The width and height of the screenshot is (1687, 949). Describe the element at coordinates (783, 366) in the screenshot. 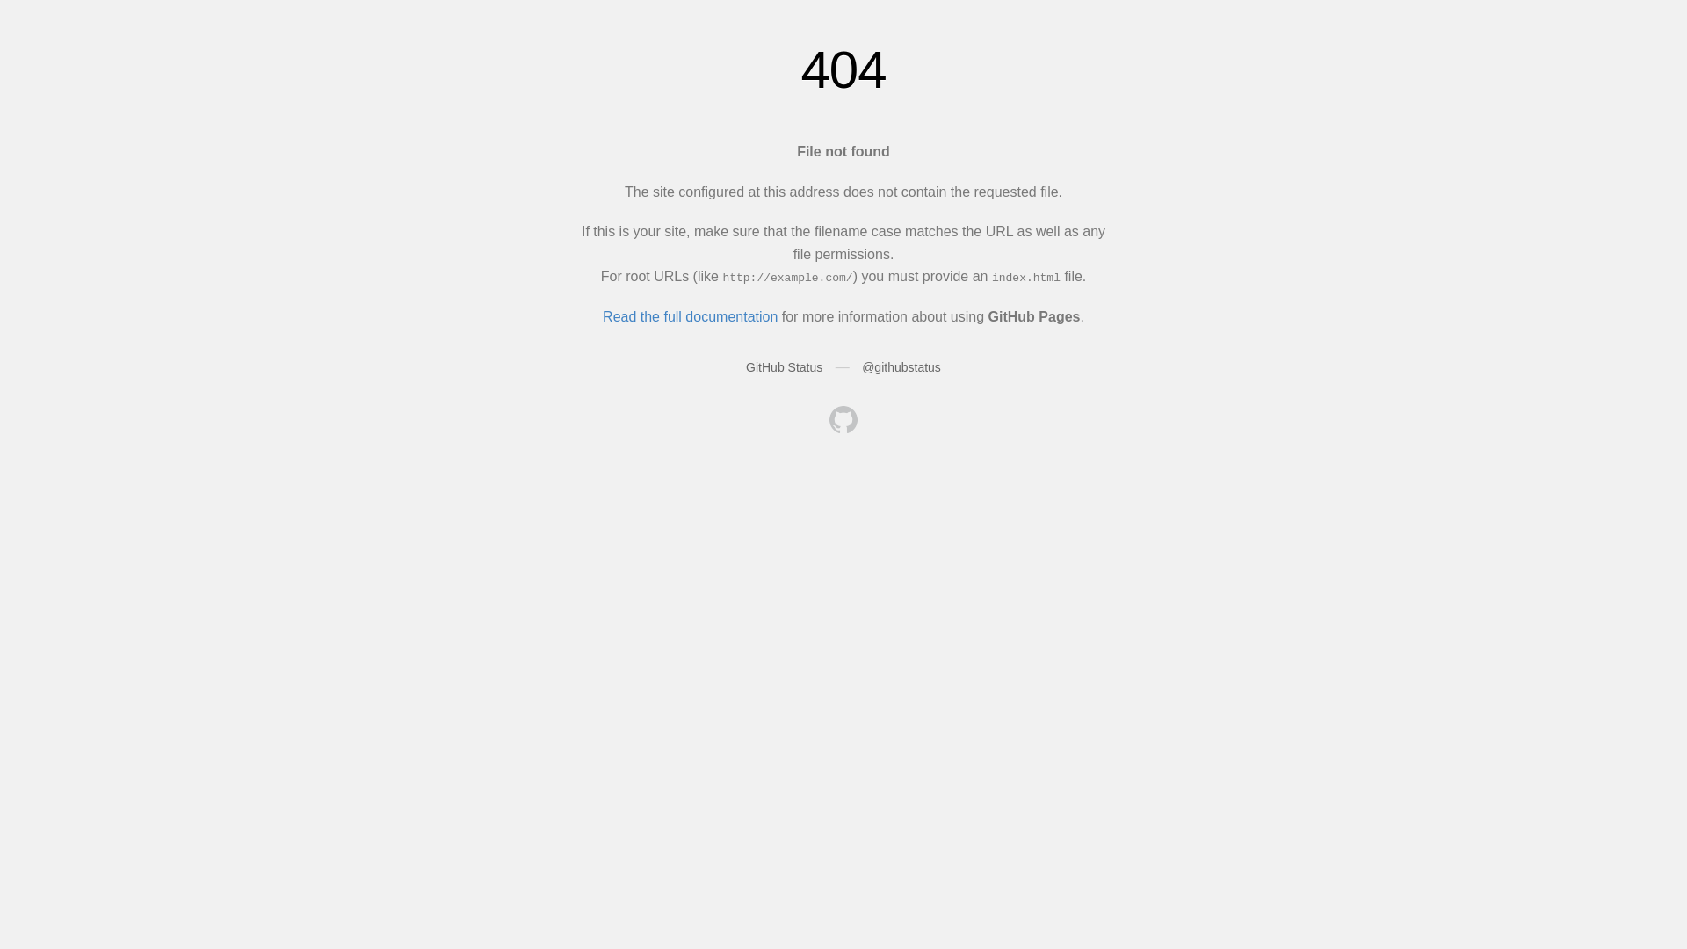

I see `'GitHub Status'` at that location.